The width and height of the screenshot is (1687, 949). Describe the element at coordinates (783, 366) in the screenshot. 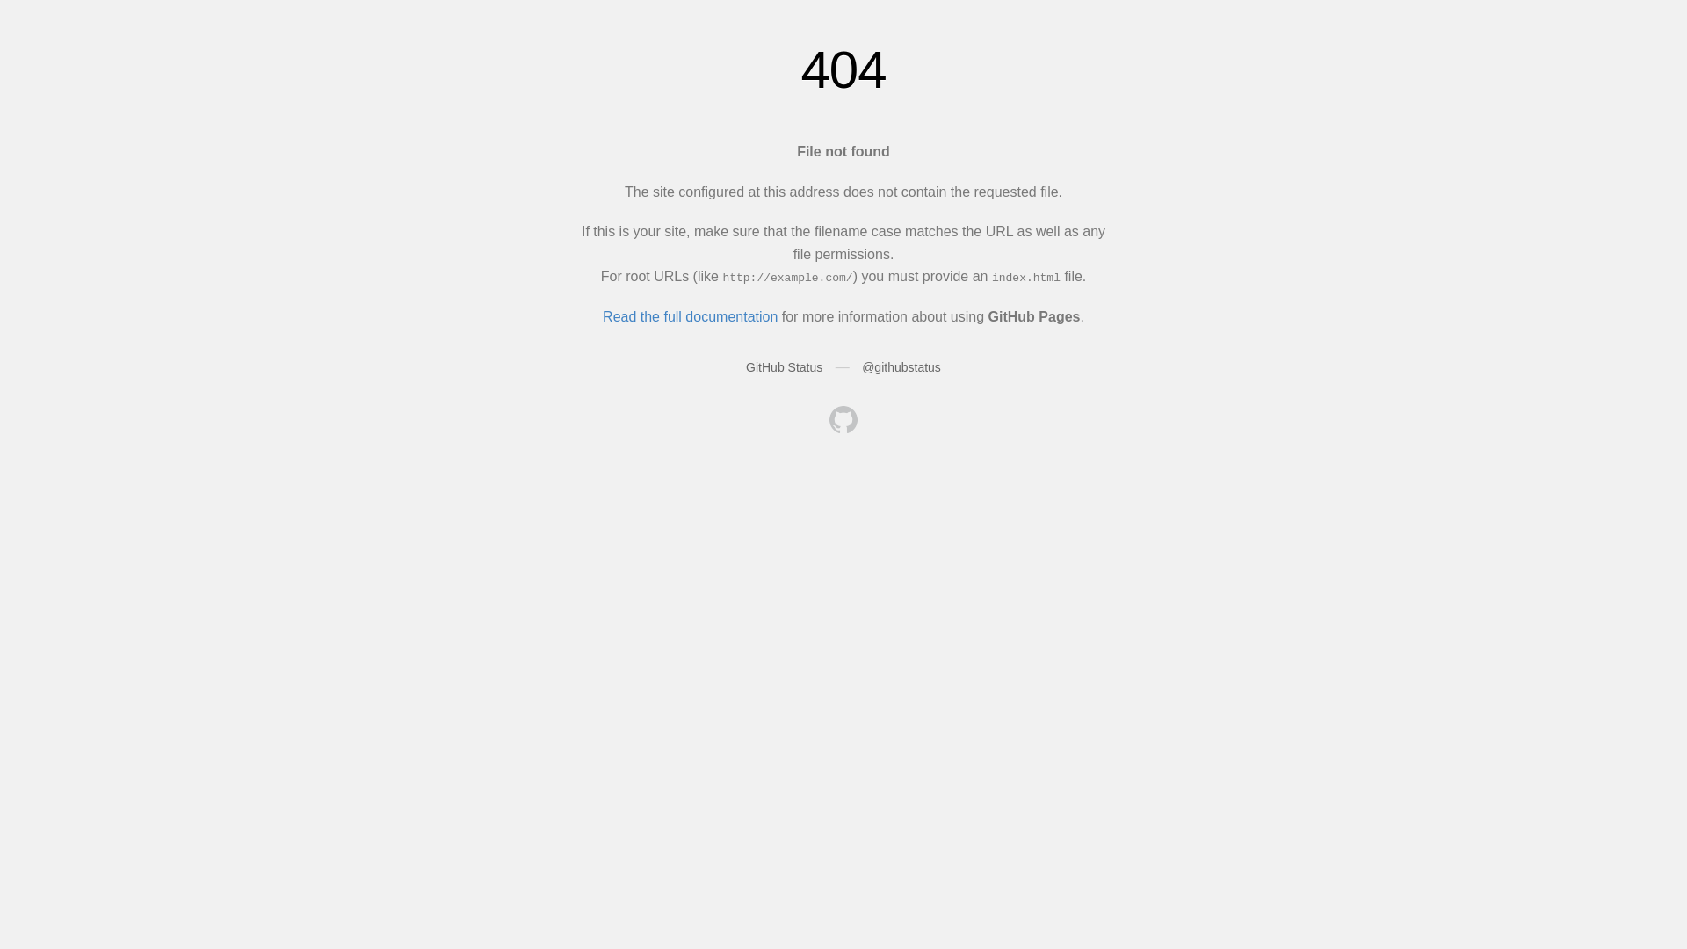

I see `'GitHub Status'` at that location.